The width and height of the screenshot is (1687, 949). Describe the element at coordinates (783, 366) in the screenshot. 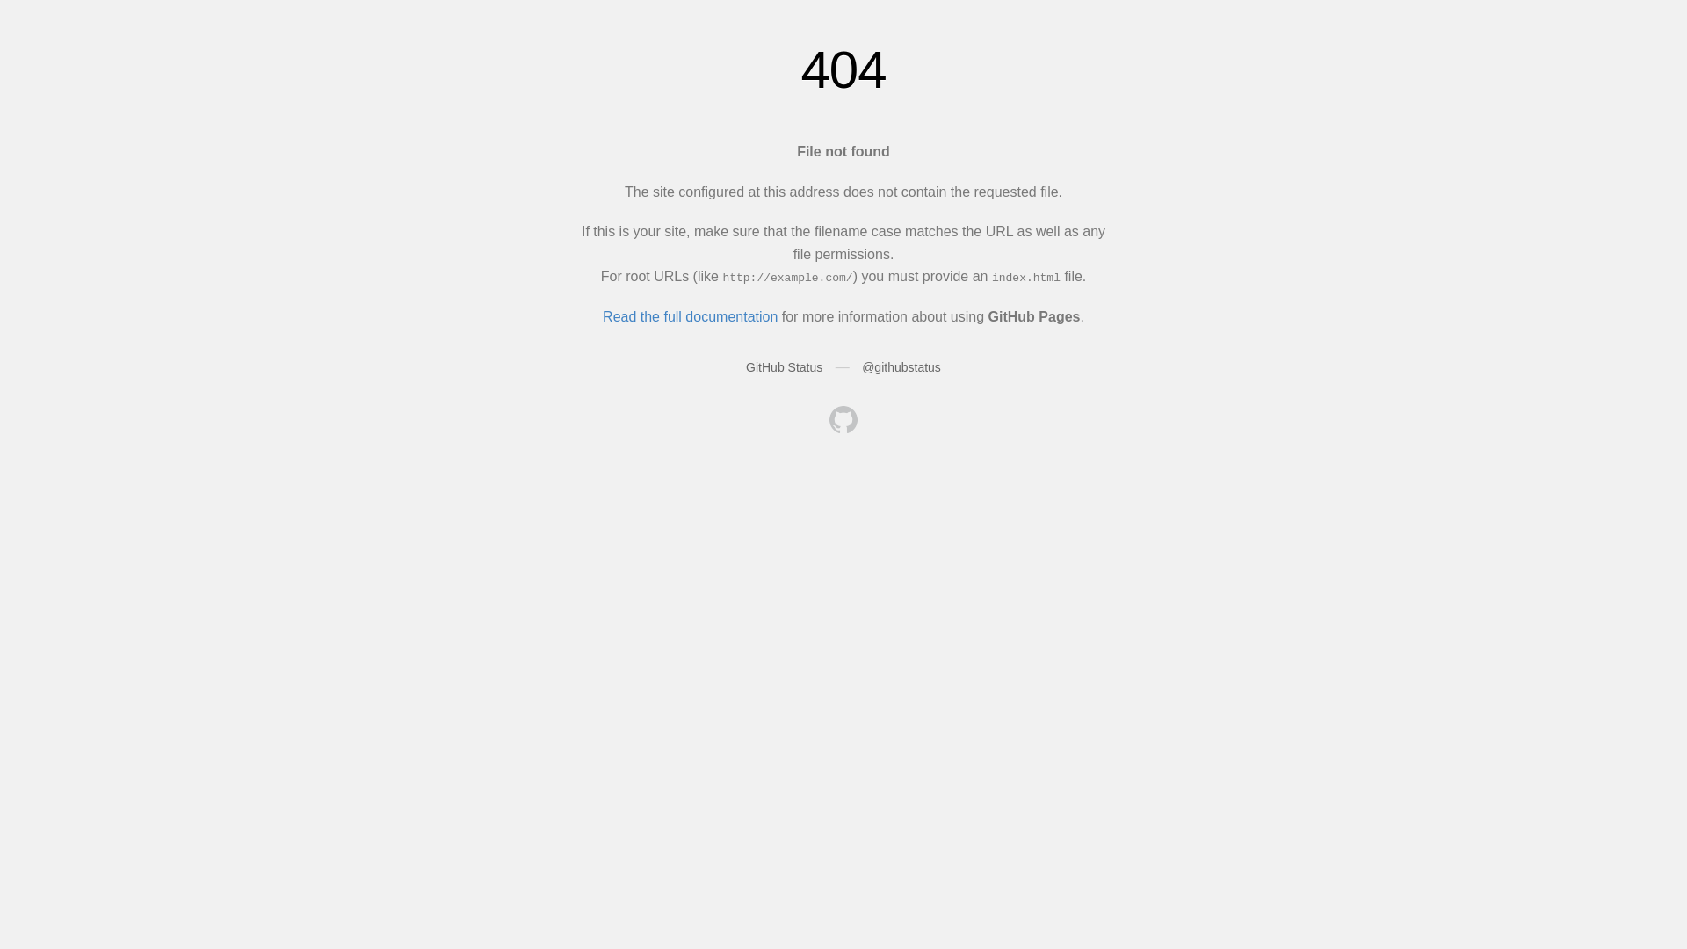

I see `'GitHub Status'` at that location.